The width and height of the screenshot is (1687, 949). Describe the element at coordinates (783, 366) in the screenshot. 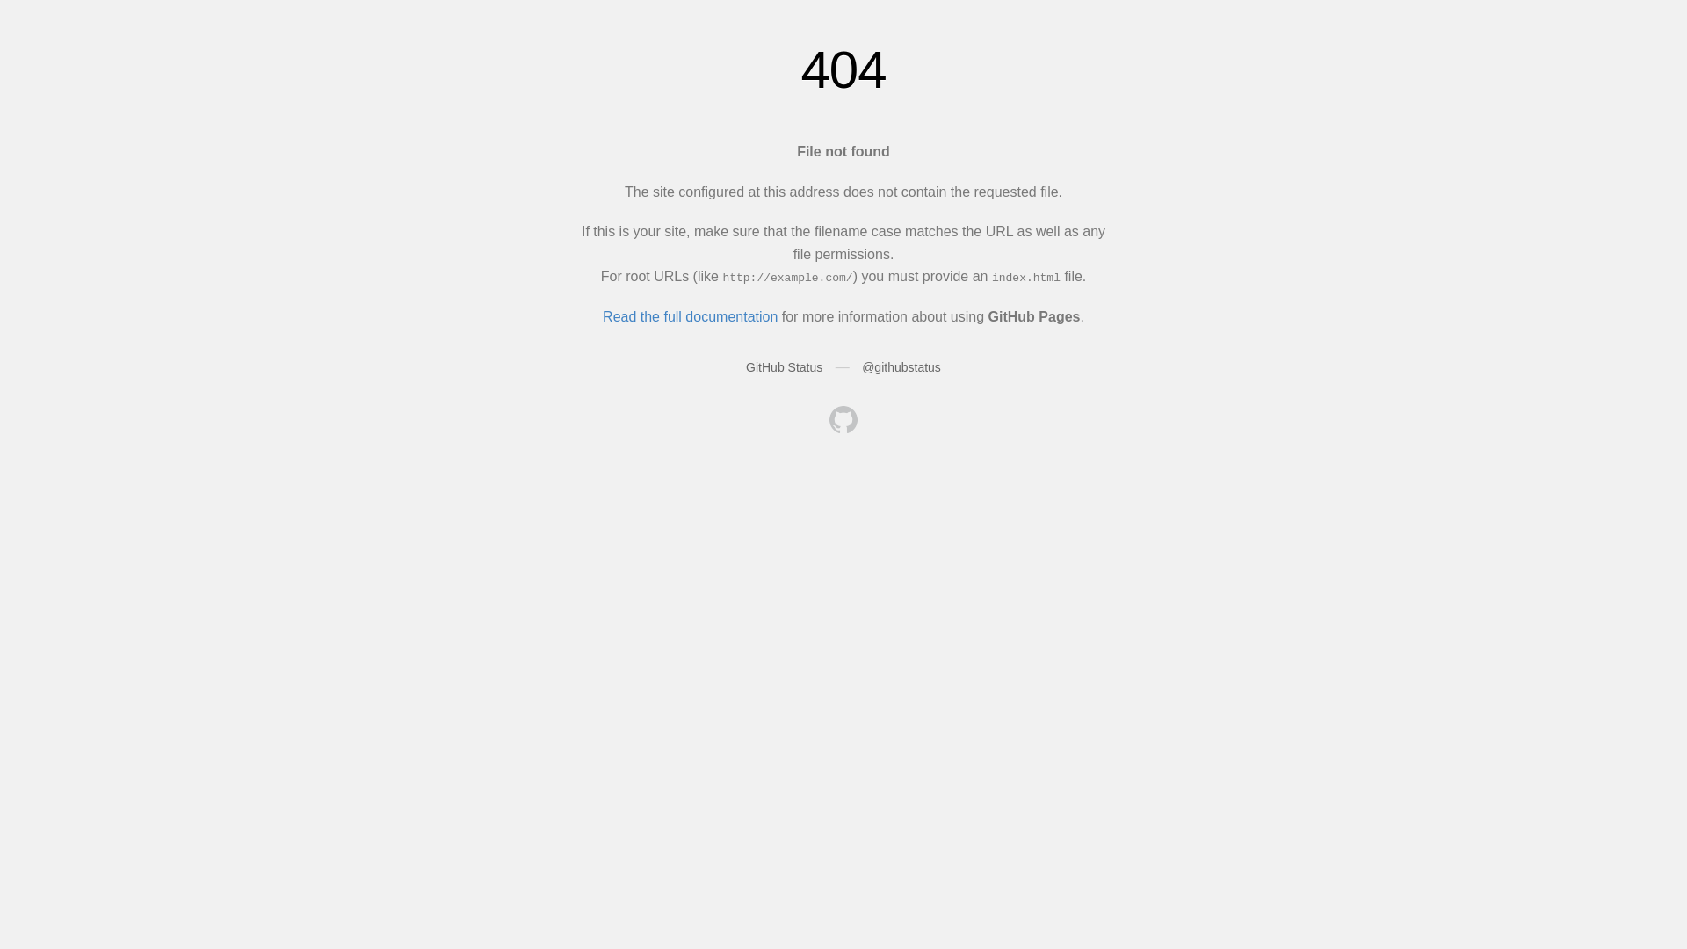

I see `'GitHub Status'` at that location.